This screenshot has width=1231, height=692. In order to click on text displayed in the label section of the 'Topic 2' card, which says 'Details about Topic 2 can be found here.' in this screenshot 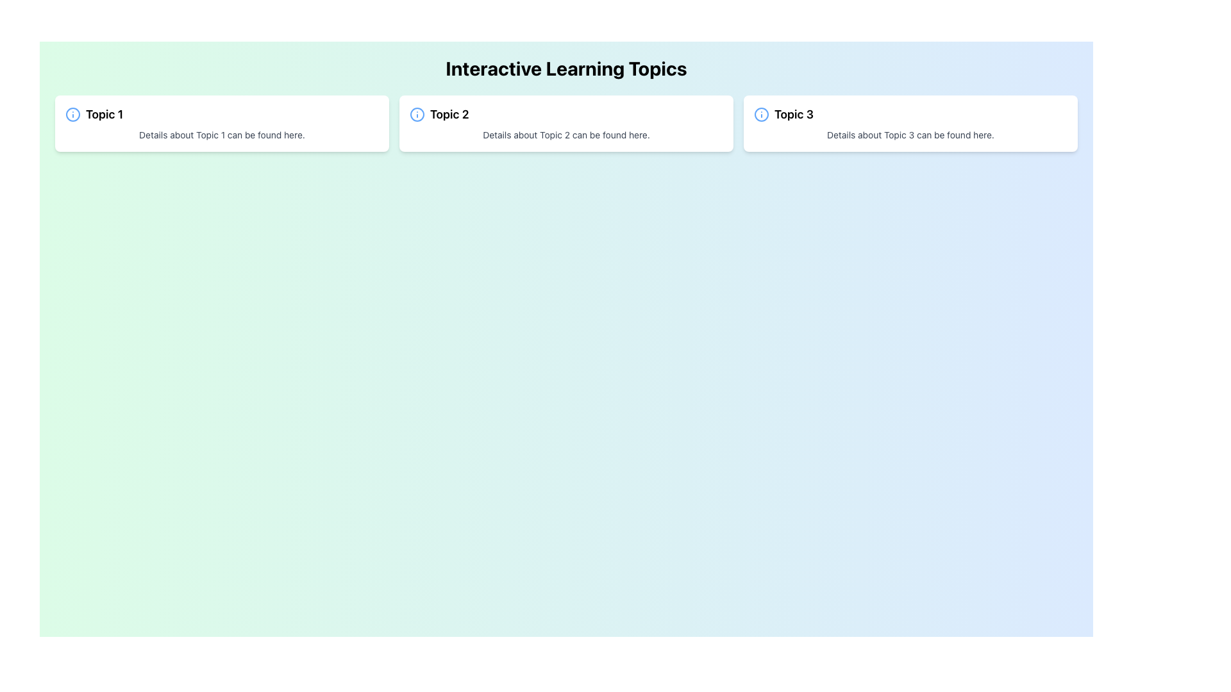, I will do `click(565, 135)`.